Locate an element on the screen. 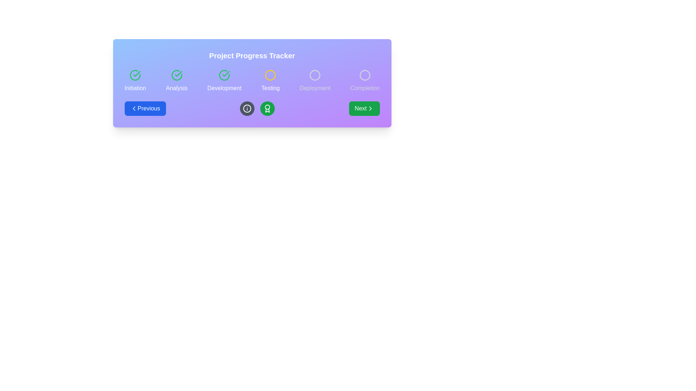  the fifth circular marker in the progress tracker interface, which is a circular shape with a distinct outline located on the far right of the sequence adjacent to the 'Completion' label is located at coordinates (365, 75).